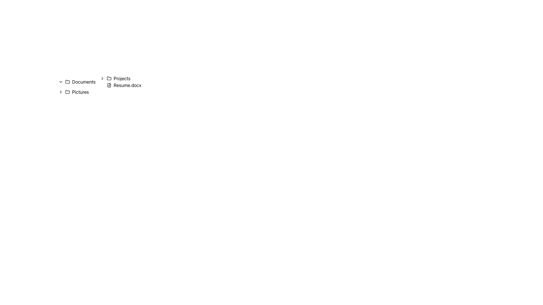 Image resolution: width=543 pixels, height=305 pixels. I want to click on the downward-pointing chevron icon located to the left of the 'Documents' label in the hierarchical file system interface, so click(61, 82).